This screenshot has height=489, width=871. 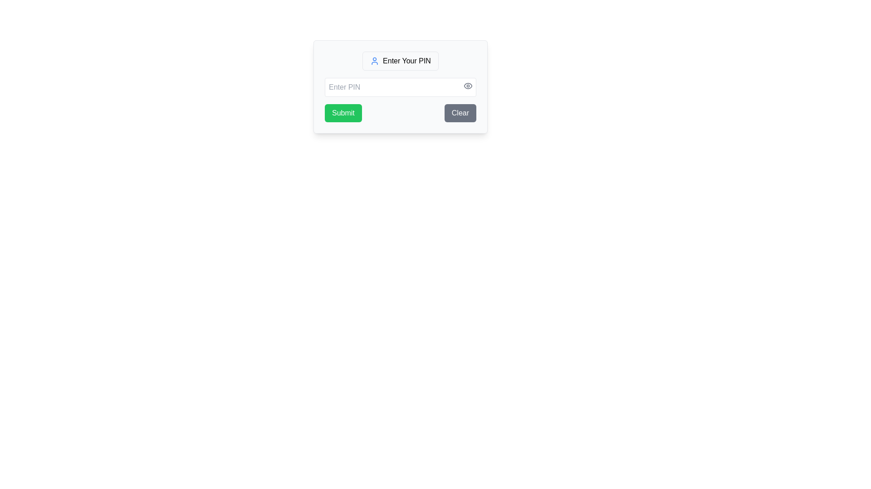 I want to click on the 'Clear' button, which is a rectangular button with a gray background and white text, located at the bottom of the form interface, so click(x=460, y=113).